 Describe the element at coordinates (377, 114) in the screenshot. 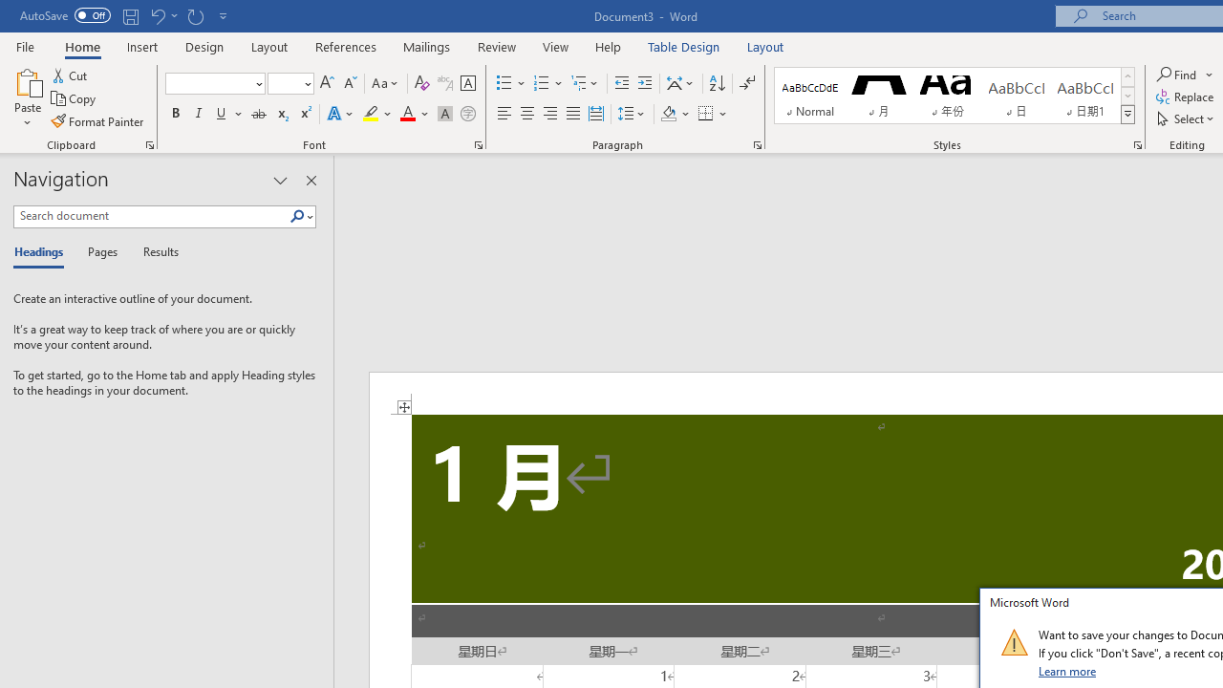

I see `'Text Highlight Color'` at that location.